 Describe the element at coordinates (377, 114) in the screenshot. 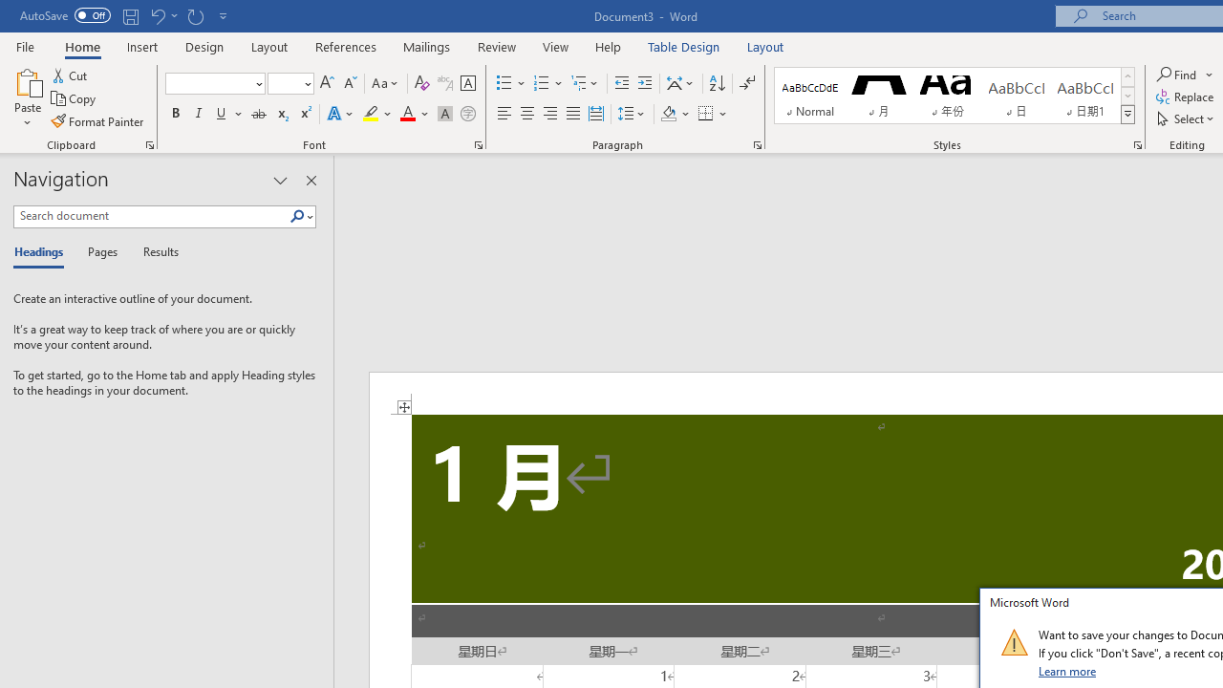

I see `'Text Highlight Color'` at that location.